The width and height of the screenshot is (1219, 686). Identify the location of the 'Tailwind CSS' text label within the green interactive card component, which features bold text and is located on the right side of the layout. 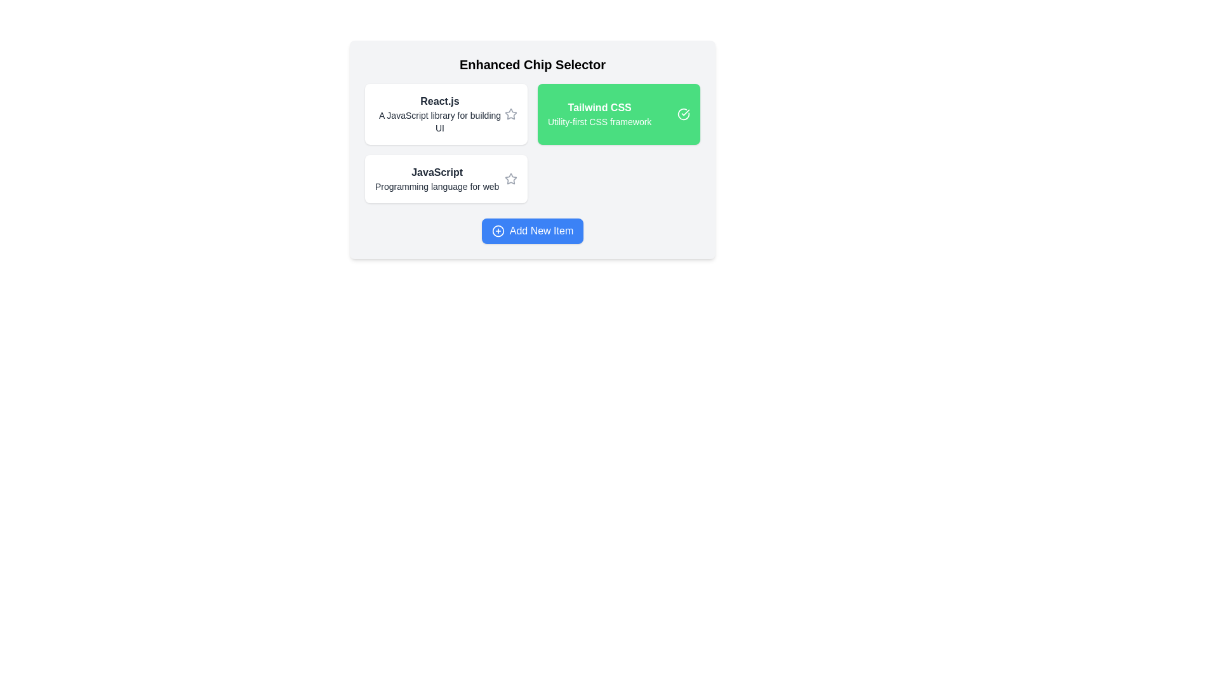
(599, 114).